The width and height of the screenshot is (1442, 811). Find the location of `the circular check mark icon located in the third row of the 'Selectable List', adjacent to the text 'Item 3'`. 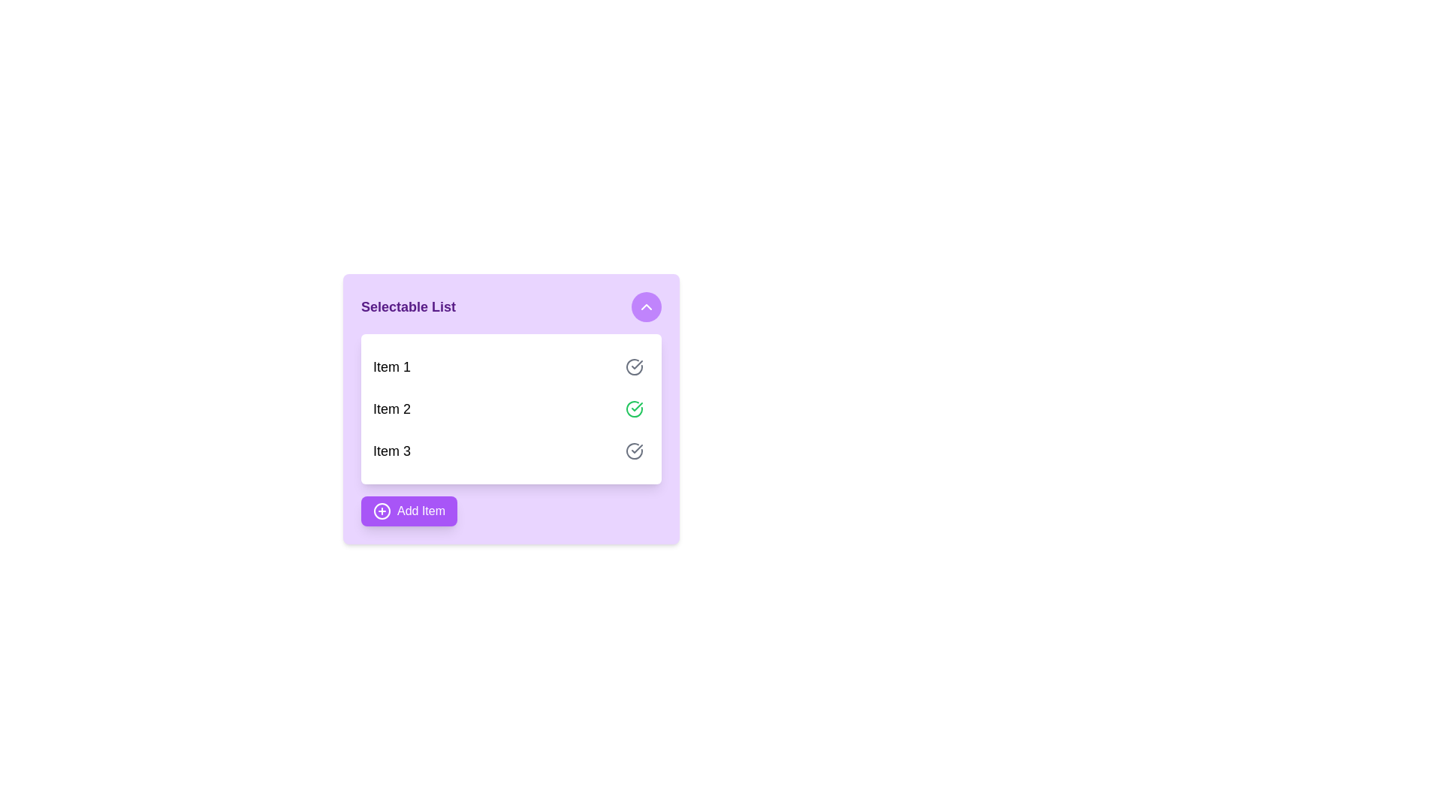

the circular check mark icon located in the third row of the 'Selectable List', adjacent to the text 'Item 3' is located at coordinates (634, 451).